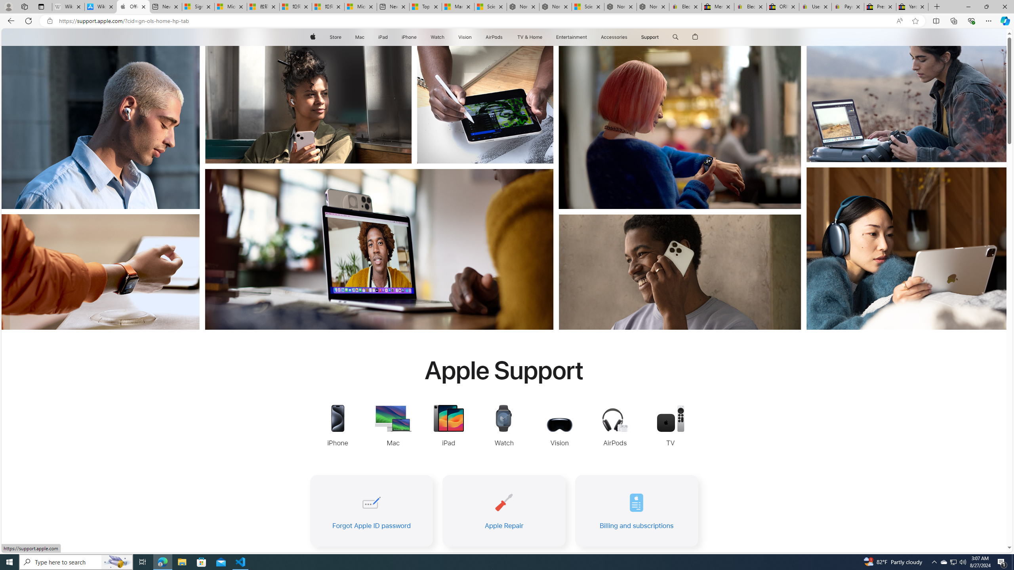 The height and width of the screenshot is (570, 1014). Describe the element at coordinates (504, 426) in the screenshot. I see `'Apple Watch Support'` at that location.